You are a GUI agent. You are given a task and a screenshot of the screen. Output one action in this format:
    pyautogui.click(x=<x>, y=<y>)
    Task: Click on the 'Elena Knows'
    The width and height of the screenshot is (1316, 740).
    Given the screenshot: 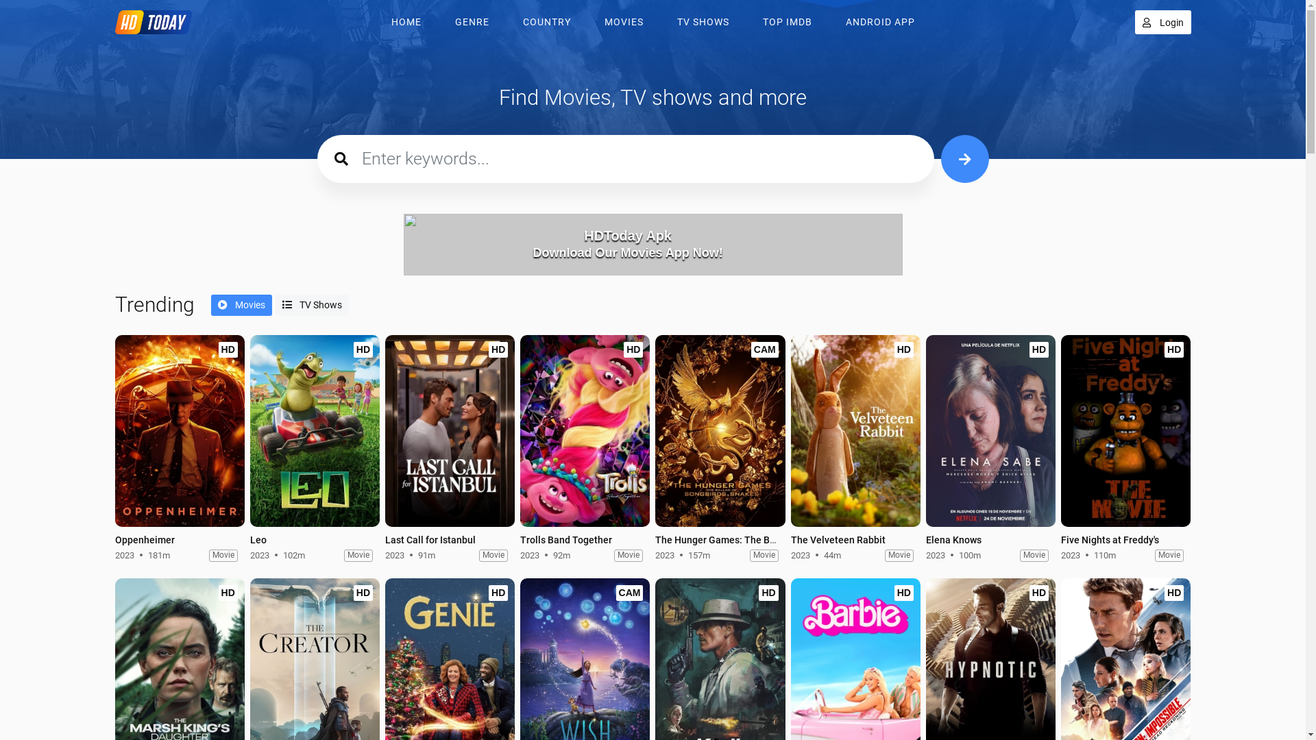 What is the action you would take?
    pyautogui.click(x=990, y=430)
    